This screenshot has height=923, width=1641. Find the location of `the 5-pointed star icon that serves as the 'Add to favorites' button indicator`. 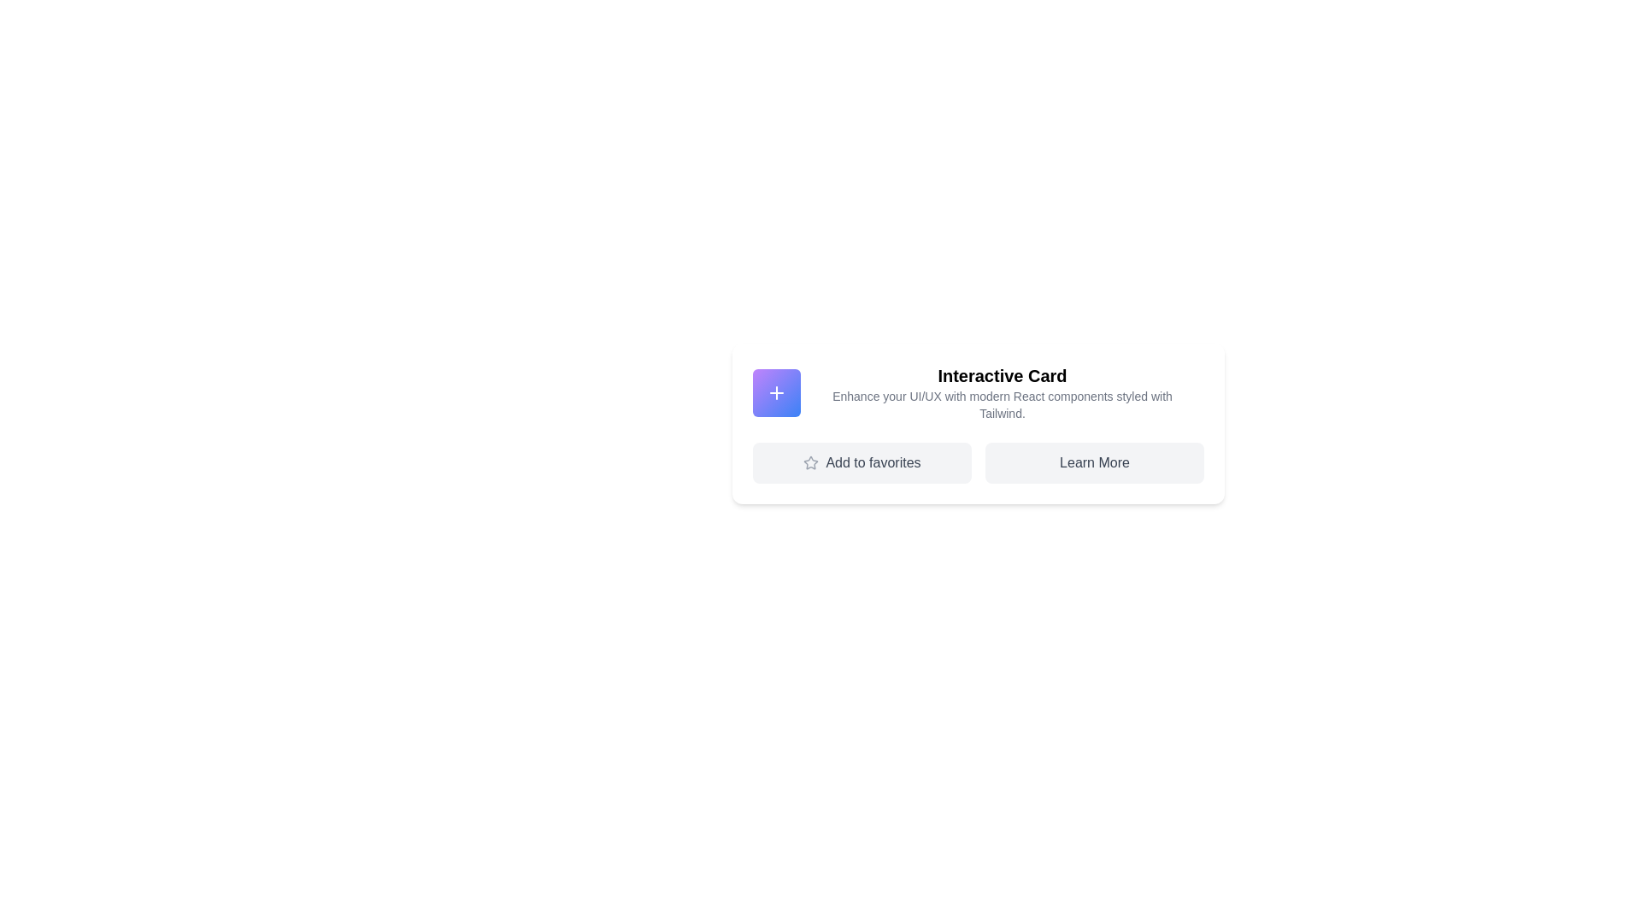

the 5-pointed star icon that serves as the 'Add to favorites' button indicator is located at coordinates (810, 462).